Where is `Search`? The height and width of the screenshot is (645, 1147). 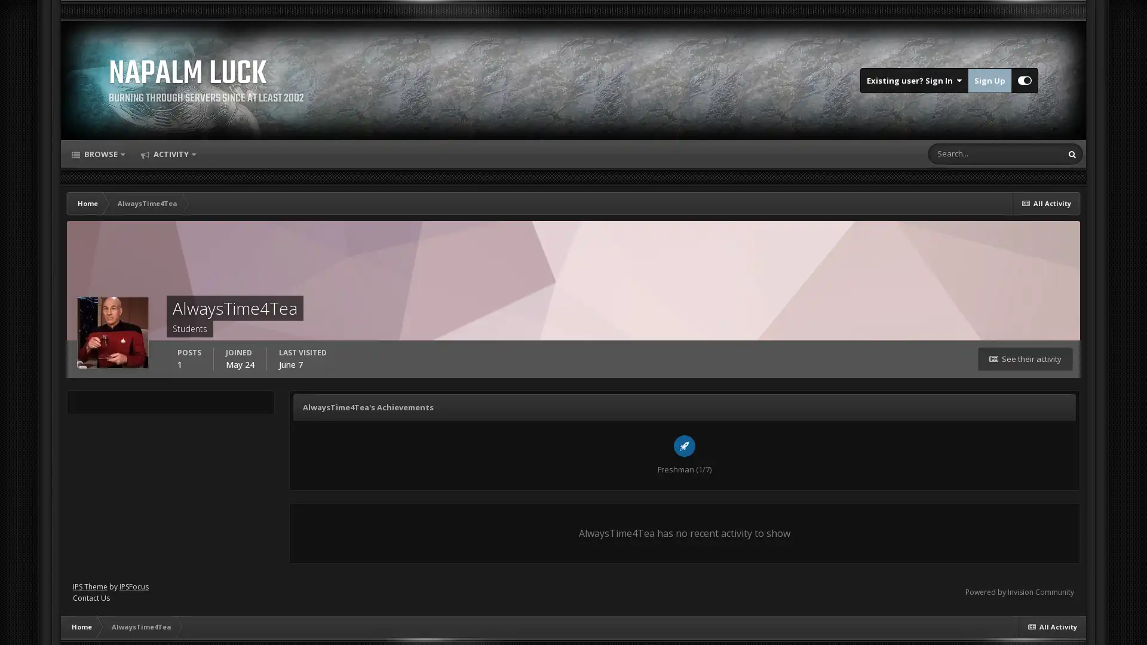
Search is located at coordinates (1072, 153).